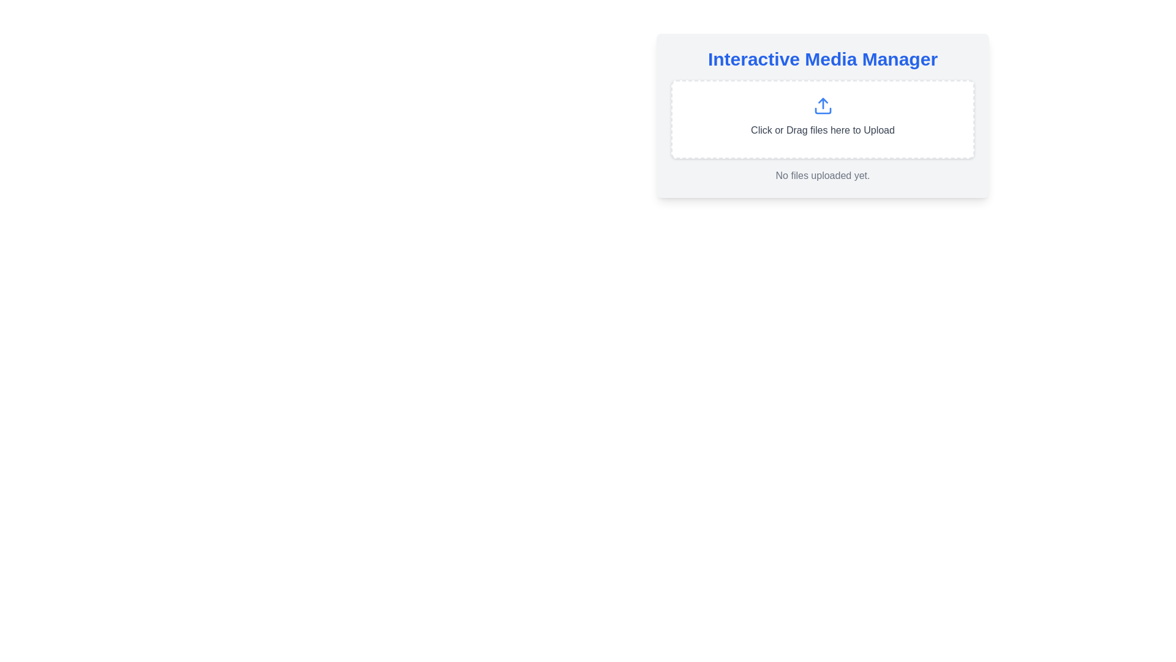 This screenshot has width=1176, height=662. I want to click on the decorative upload icon located at the center of the 'Interactive Media Manager' upload section, contributing to the recognizable upload functionality, so click(823, 111).